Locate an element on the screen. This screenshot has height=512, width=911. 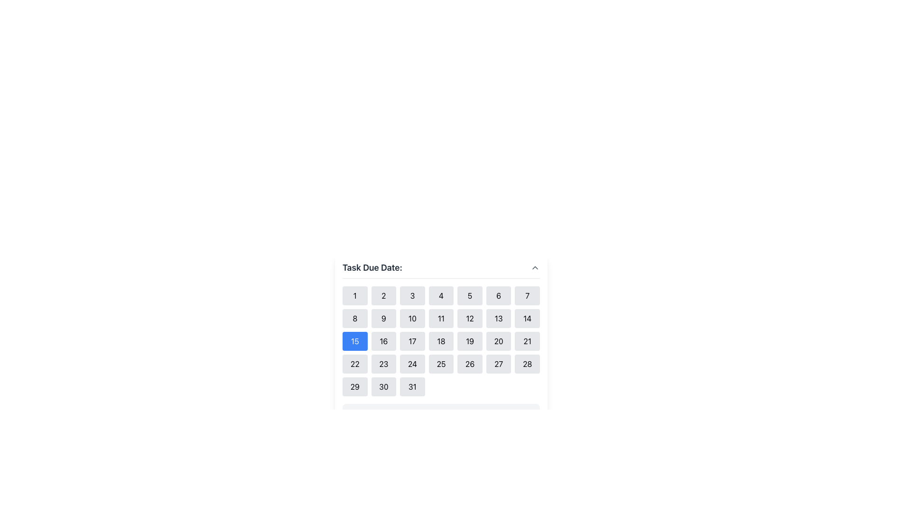
the square button with a rounded border and the number '7' in bold black text, located in the topmost row of a grid of buttons is located at coordinates (527, 295).